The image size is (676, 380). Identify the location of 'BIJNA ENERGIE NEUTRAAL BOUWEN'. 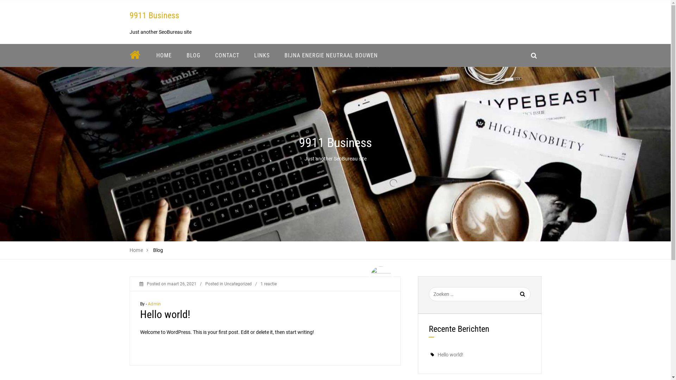
(330, 55).